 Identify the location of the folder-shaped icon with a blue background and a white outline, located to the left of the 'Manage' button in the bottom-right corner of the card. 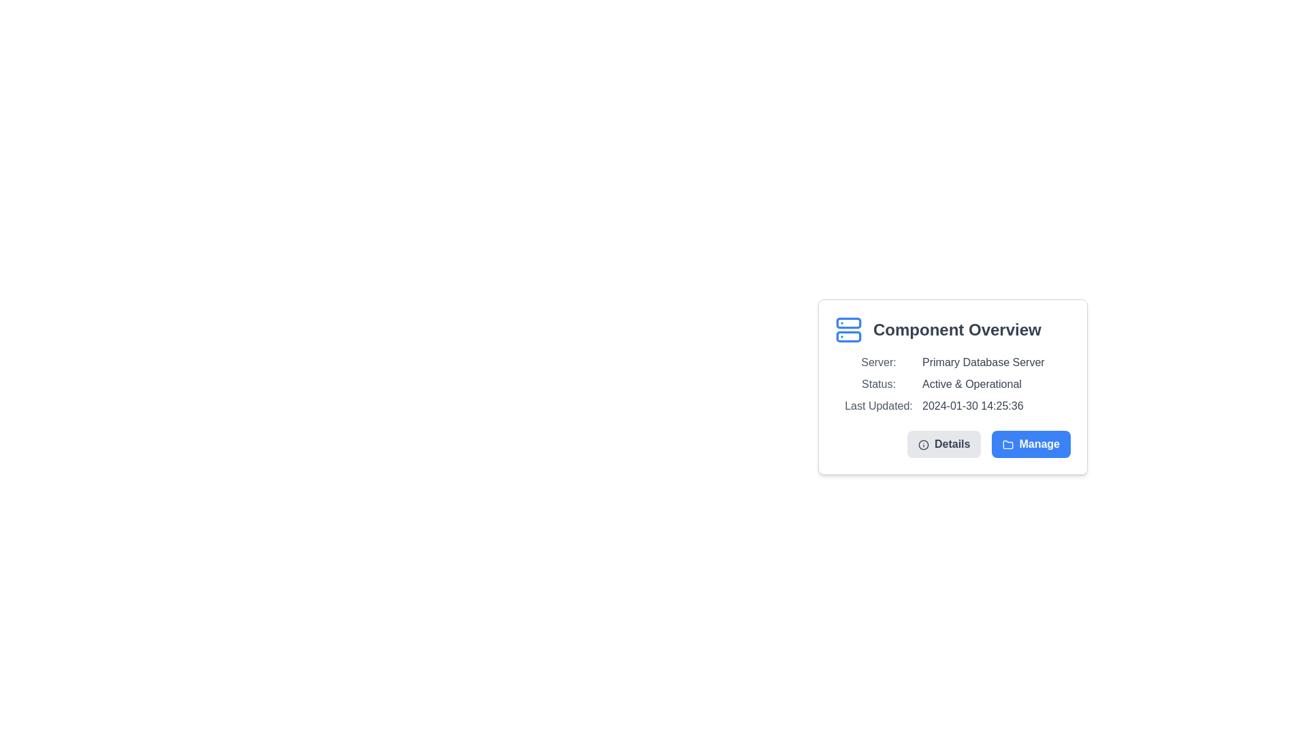
(1008, 444).